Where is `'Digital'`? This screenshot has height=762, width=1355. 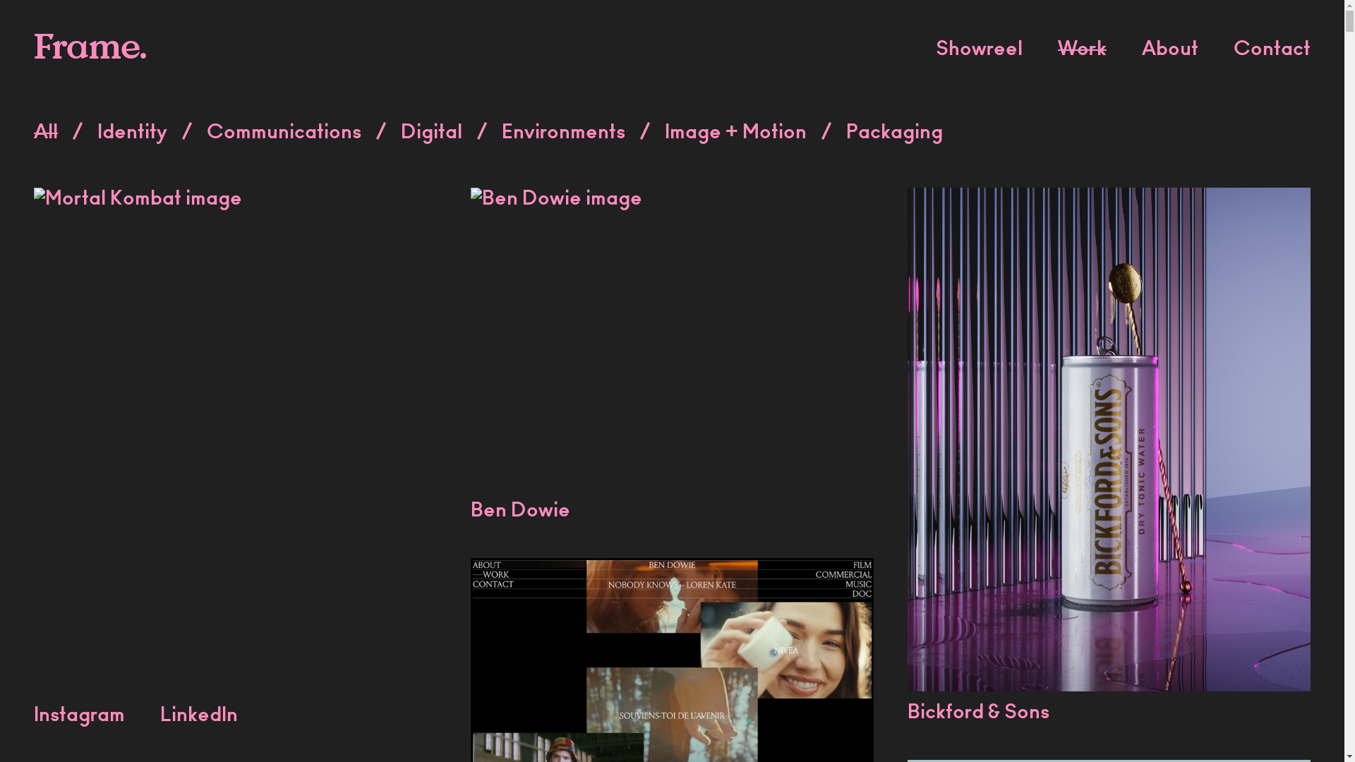
'Digital' is located at coordinates (430, 133).